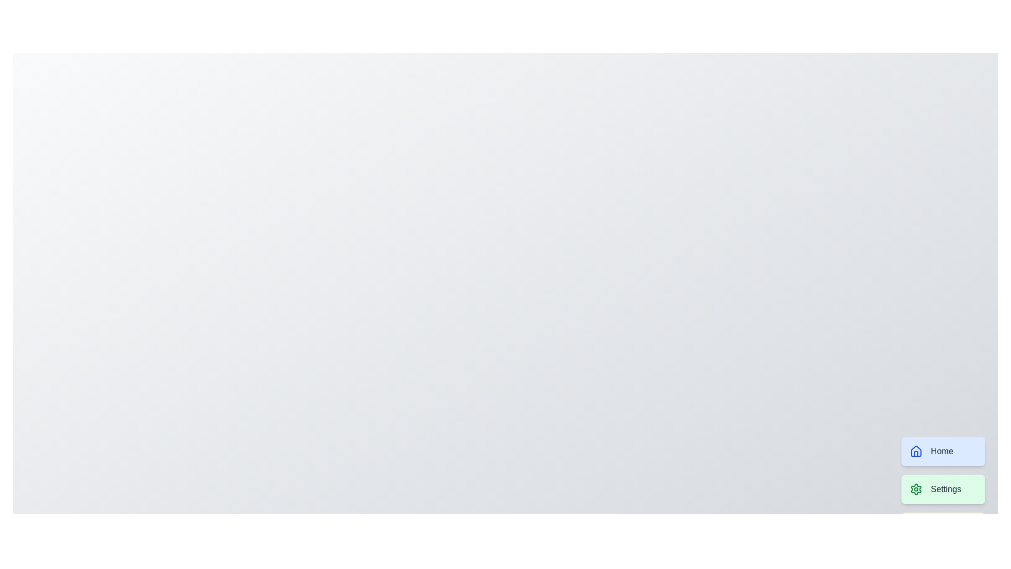 The height and width of the screenshot is (569, 1011). I want to click on the 'Home' button to select it, so click(943, 450).